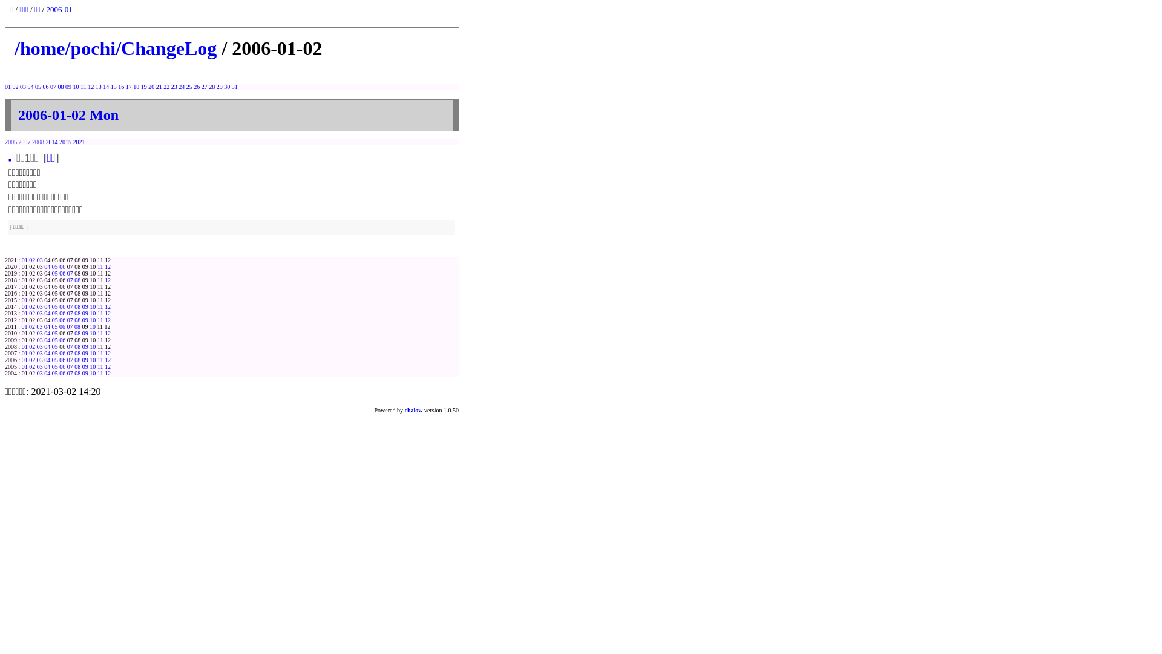  What do you see at coordinates (47, 326) in the screenshot?
I see `'04'` at bounding box center [47, 326].